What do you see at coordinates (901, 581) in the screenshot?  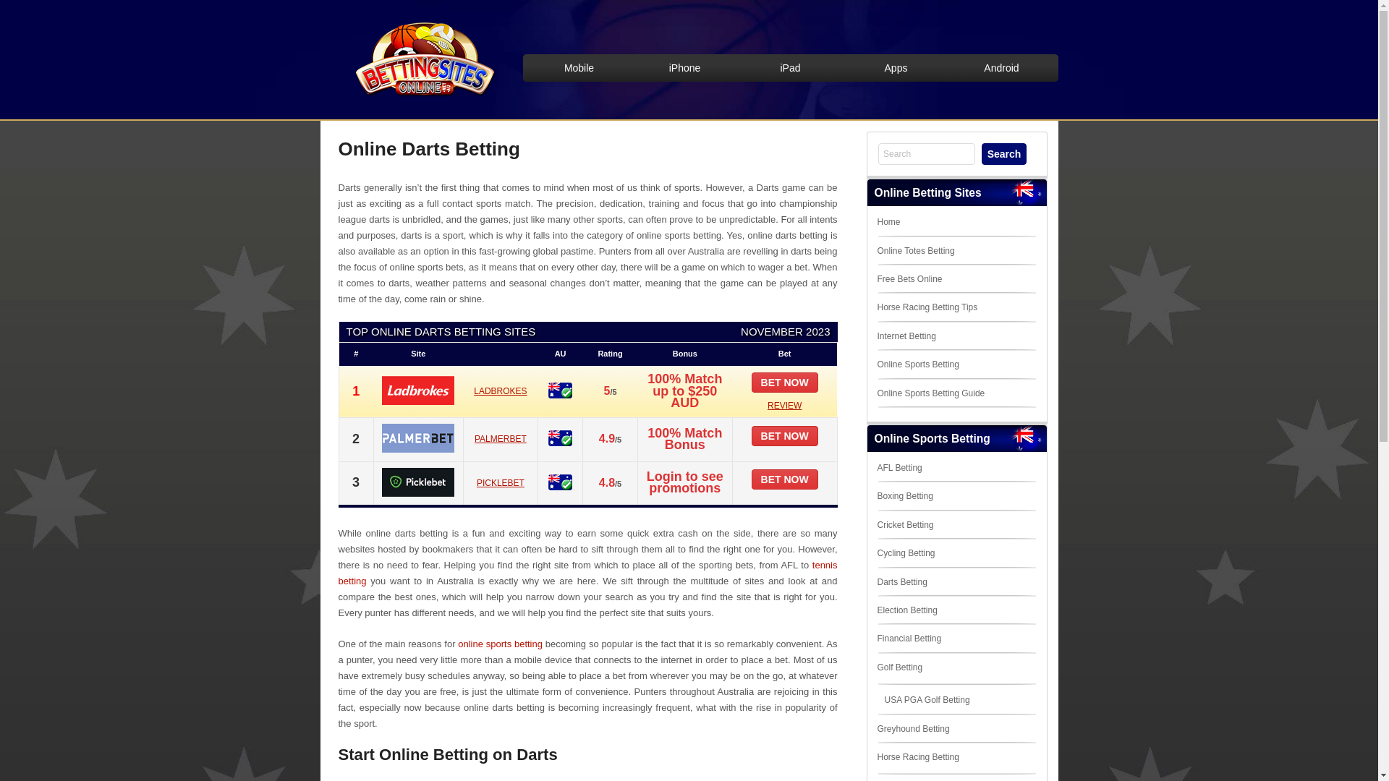 I see `'Darts Betting'` at bounding box center [901, 581].